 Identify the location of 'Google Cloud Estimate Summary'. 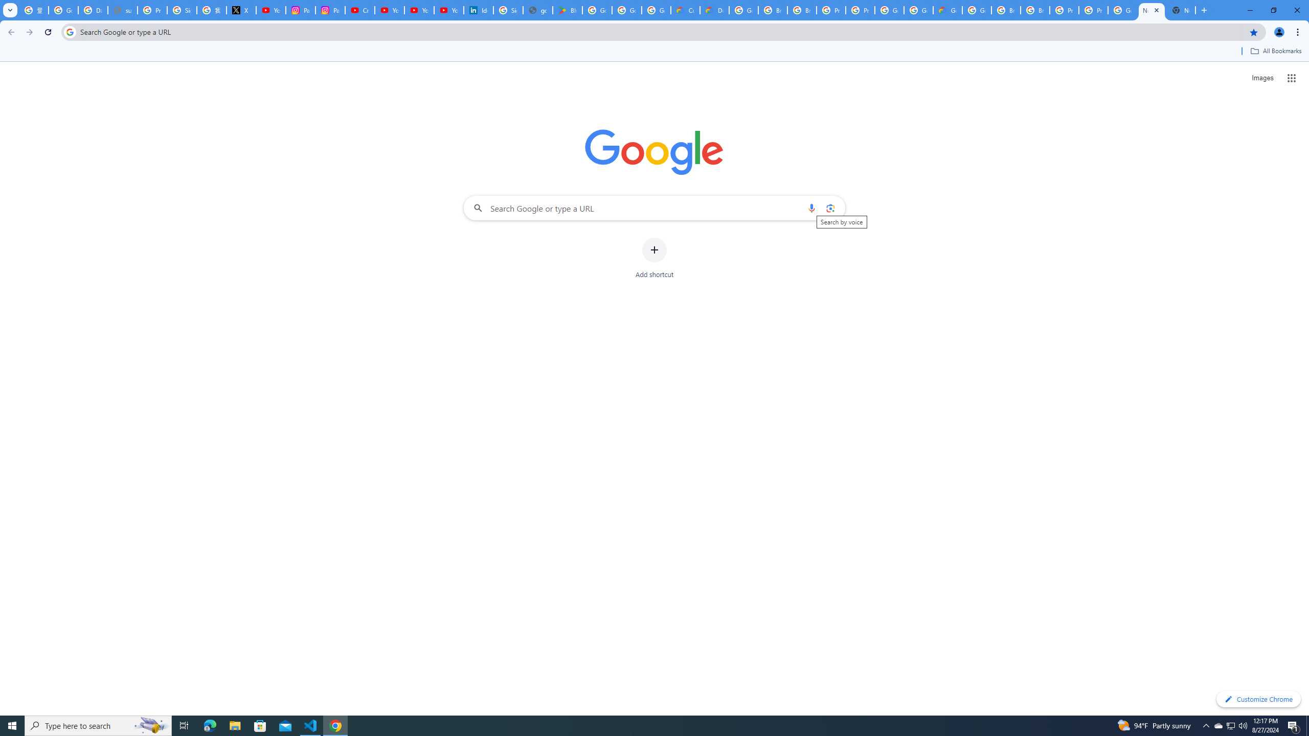
(947, 10).